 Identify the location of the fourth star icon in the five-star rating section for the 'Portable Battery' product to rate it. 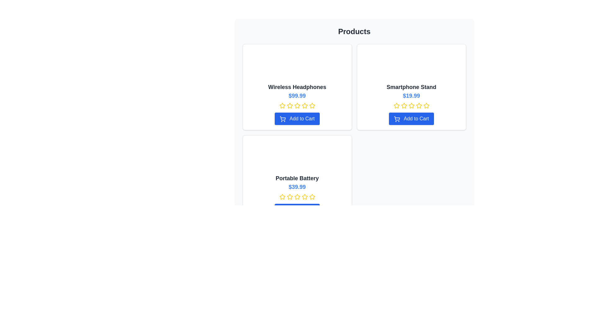
(312, 196).